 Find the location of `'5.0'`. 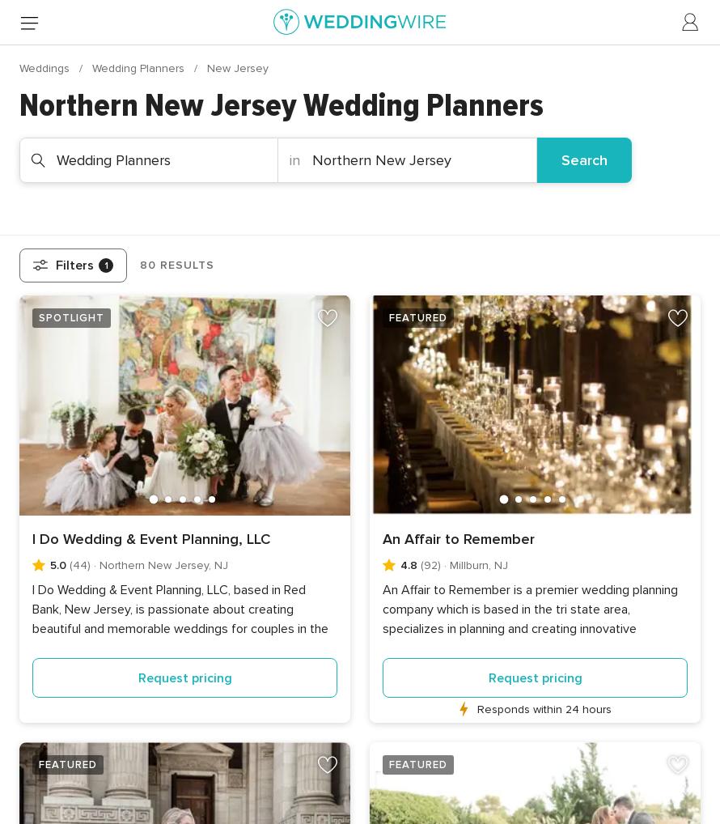

'5.0' is located at coordinates (49, 565).